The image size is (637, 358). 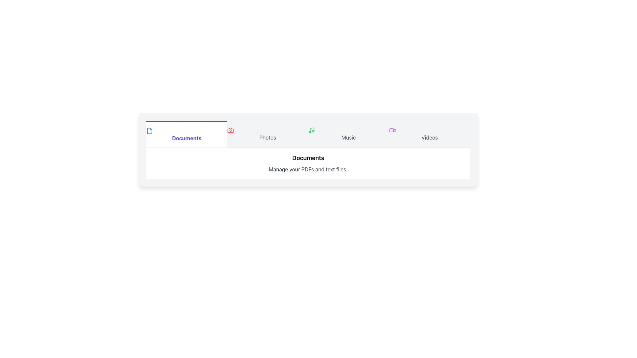 I want to click on the 'Videos' text label, which is styled with grey color and is the last item in the horizontal navigation bar, so click(x=430, y=137).